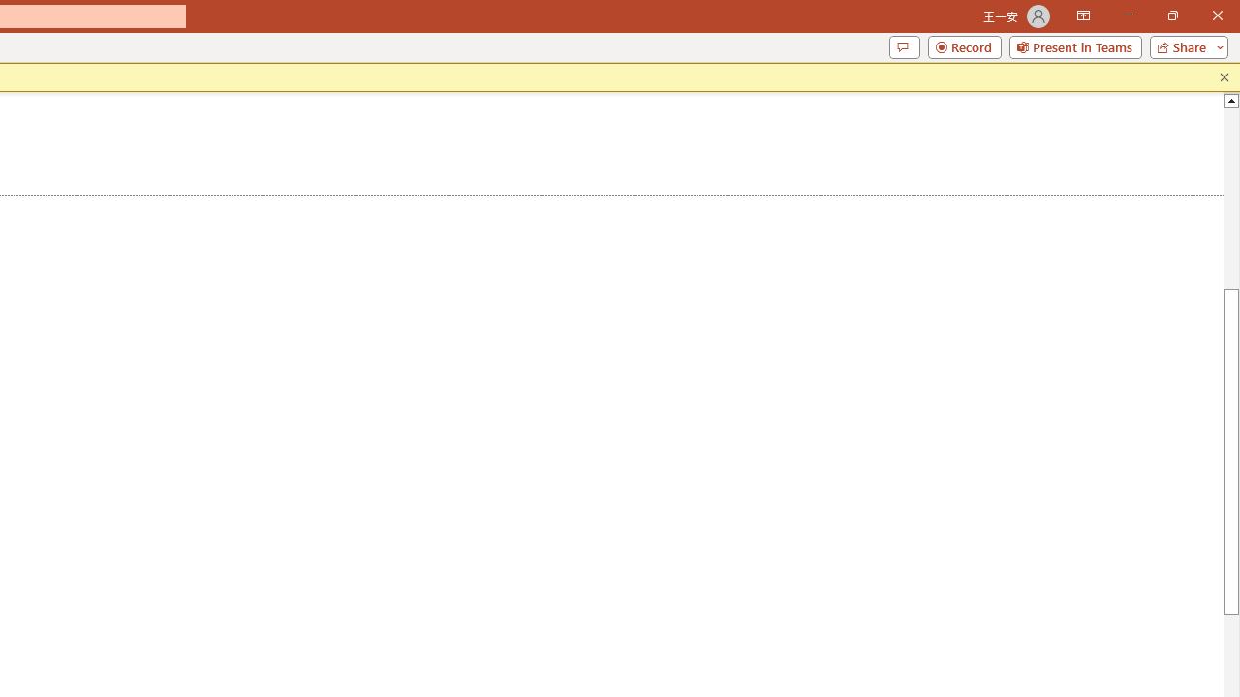  What do you see at coordinates (1224, 76) in the screenshot?
I see `'Close this message'` at bounding box center [1224, 76].